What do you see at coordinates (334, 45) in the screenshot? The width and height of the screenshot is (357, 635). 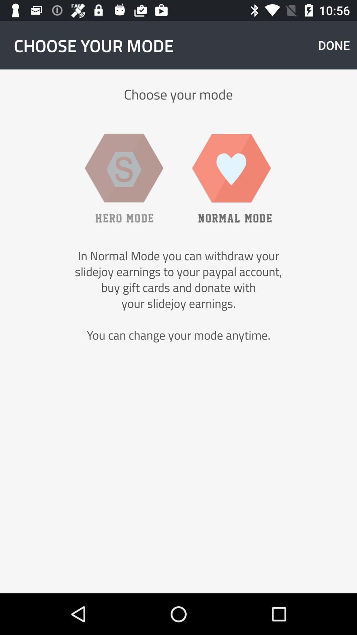 I see `icon above in normal mode icon` at bounding box center [334, 45].